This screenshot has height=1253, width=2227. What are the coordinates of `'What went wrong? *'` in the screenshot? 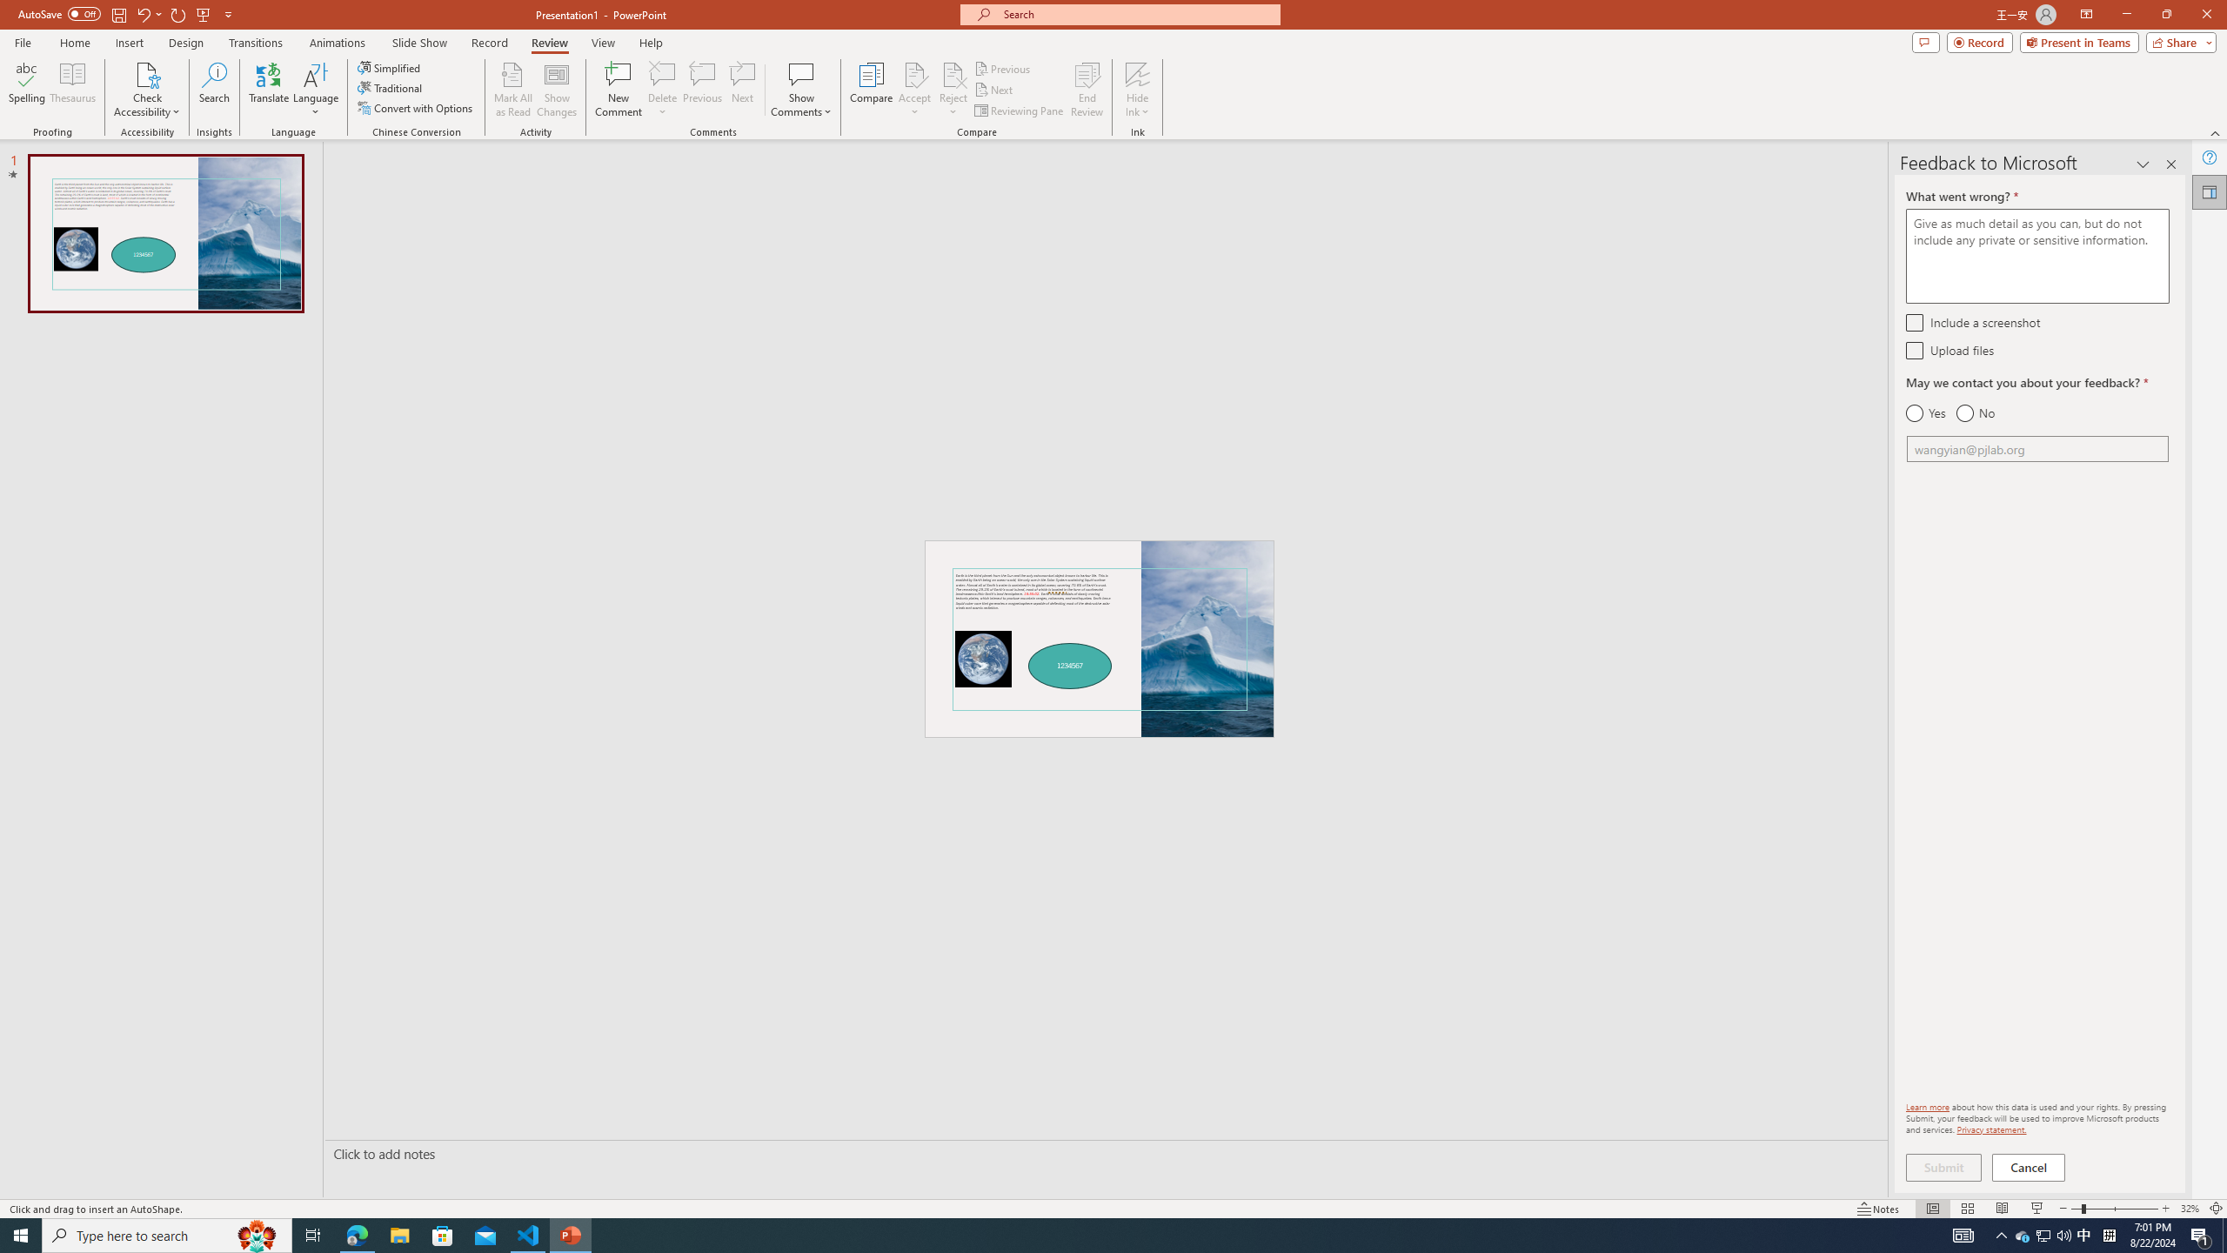 It's located at (2036, 256).